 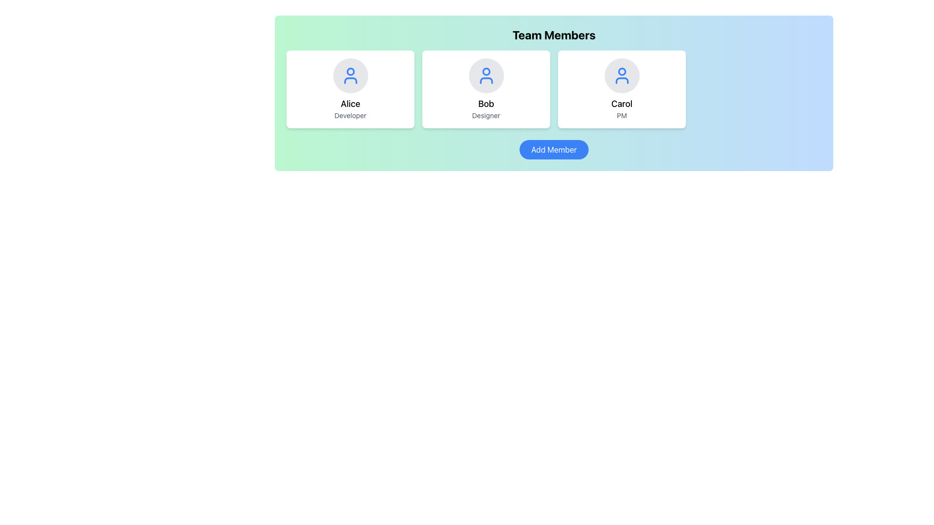 I want to click on the User Icon, which is a blue-stroked silhouette of a person in a light gray circular background, located in the card labeled 'Carol PM' in the third column of team member cards, so click(x=621, y=75).